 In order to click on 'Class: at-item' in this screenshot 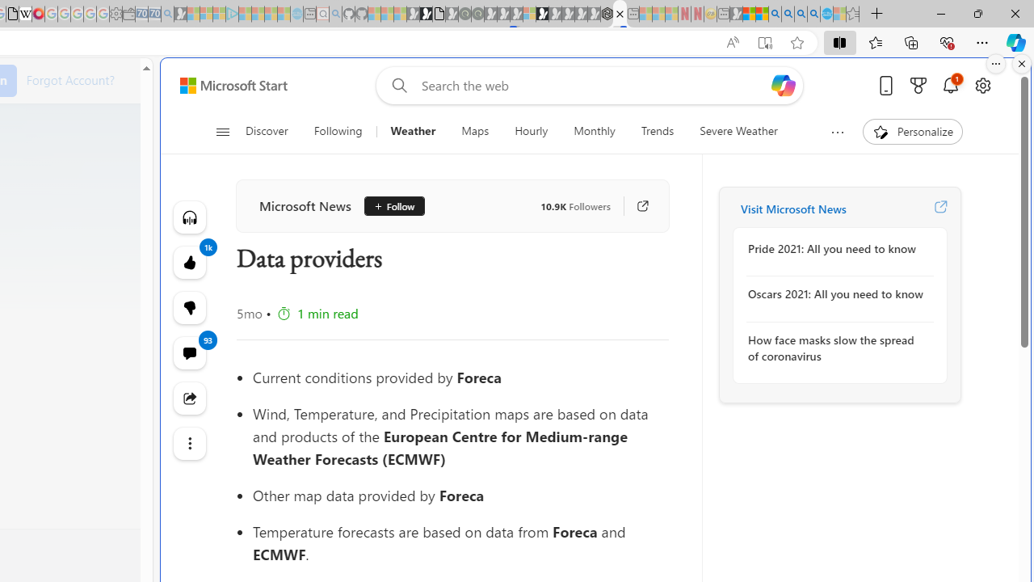, I will do `click(189, 444)`.